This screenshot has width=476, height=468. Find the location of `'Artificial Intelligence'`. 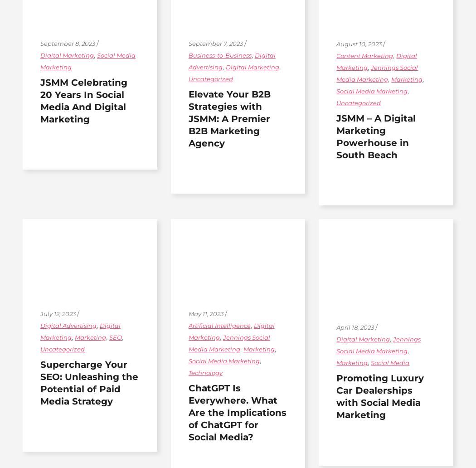

'Artificial Intelligence' is located at coordinates (187, 325).